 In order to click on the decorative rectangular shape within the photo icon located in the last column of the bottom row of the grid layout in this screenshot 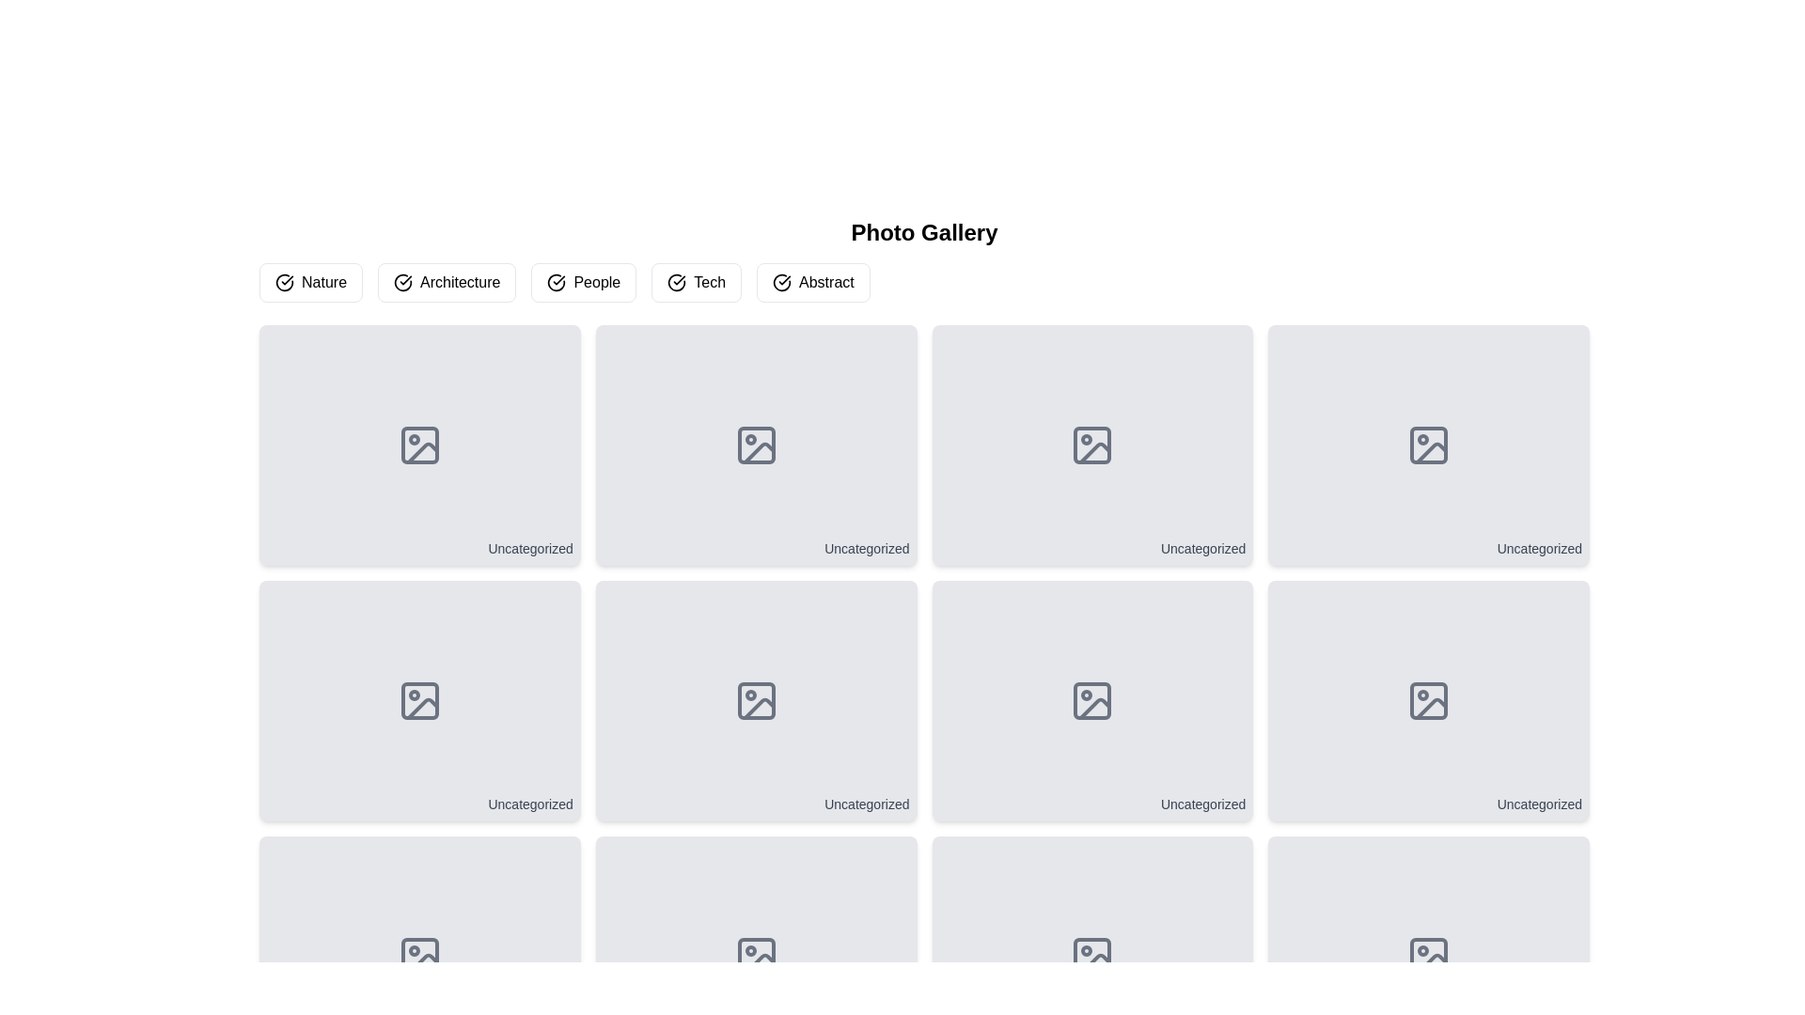, I will do `click(756, 957)`.